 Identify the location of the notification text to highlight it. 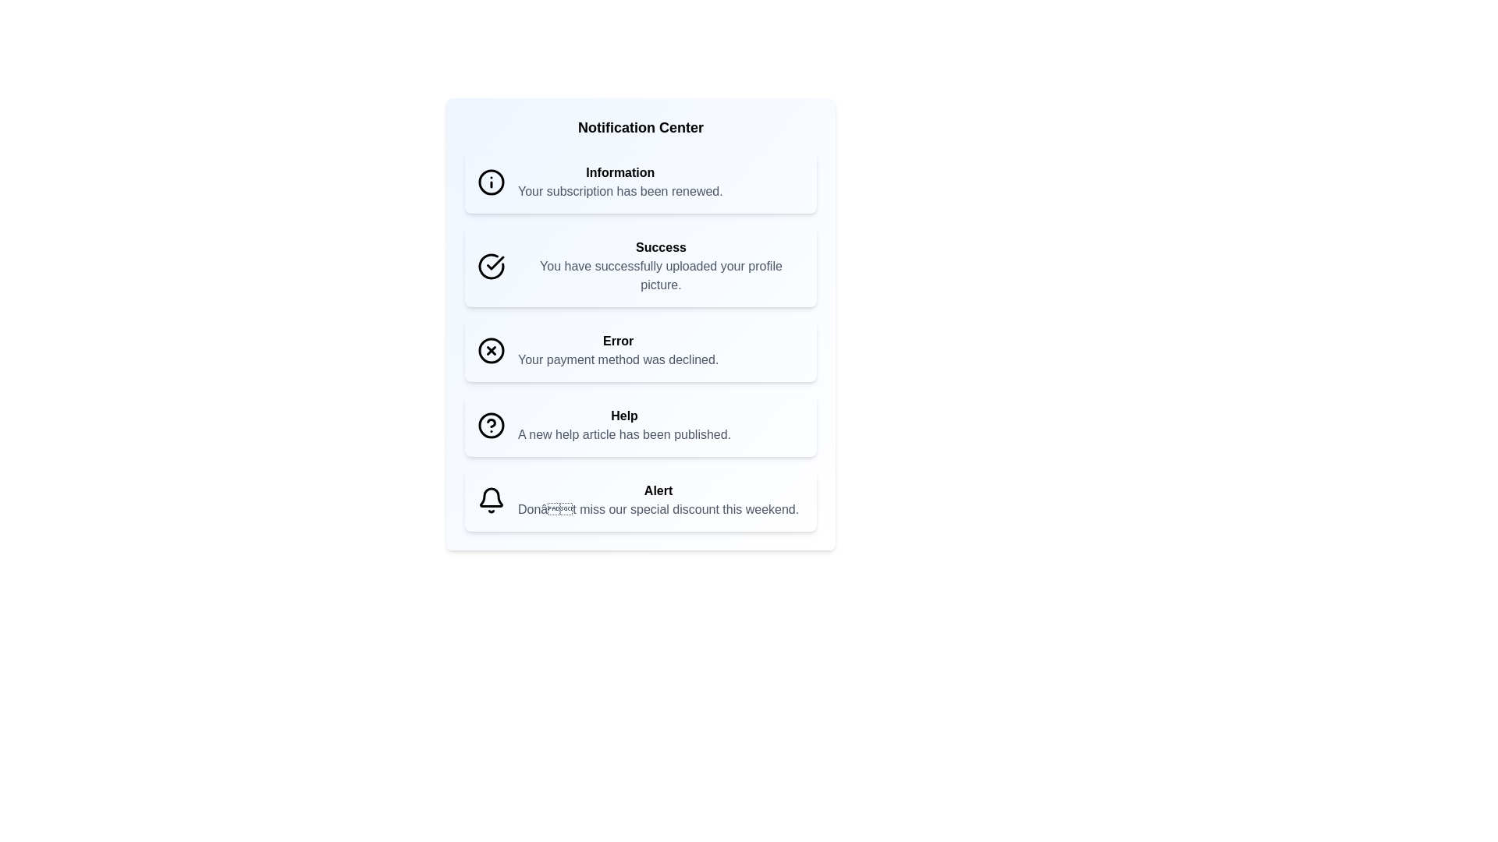
(619, 182).